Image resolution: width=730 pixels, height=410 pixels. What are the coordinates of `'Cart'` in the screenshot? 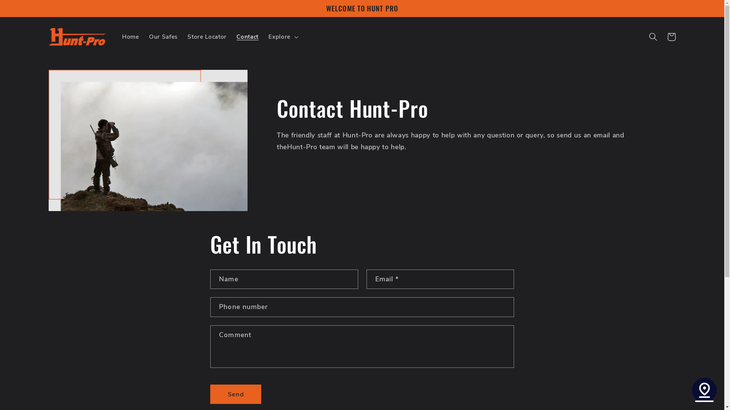 It's located at (671, 36).